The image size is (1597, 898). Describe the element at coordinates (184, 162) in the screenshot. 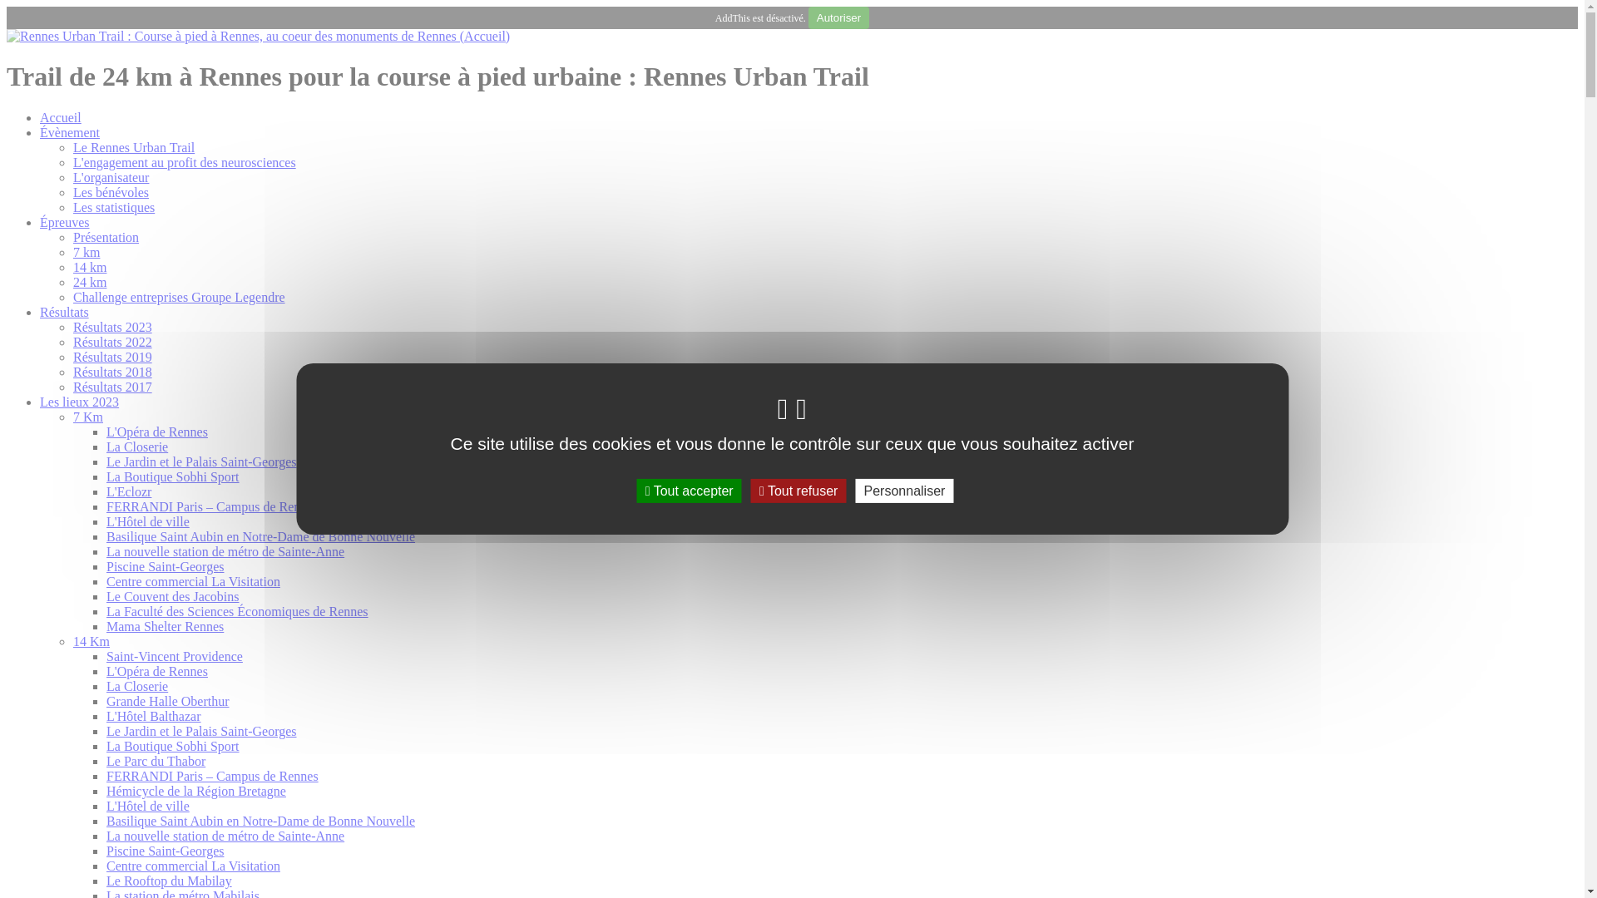

I see `'L'engagement au profit des neurosciences'` at that location.